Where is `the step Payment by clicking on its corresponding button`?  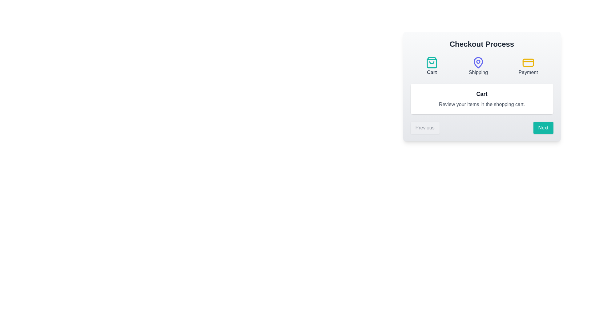 the step Payment by clicking on its corresponding button is located at coordinates (528, 66).